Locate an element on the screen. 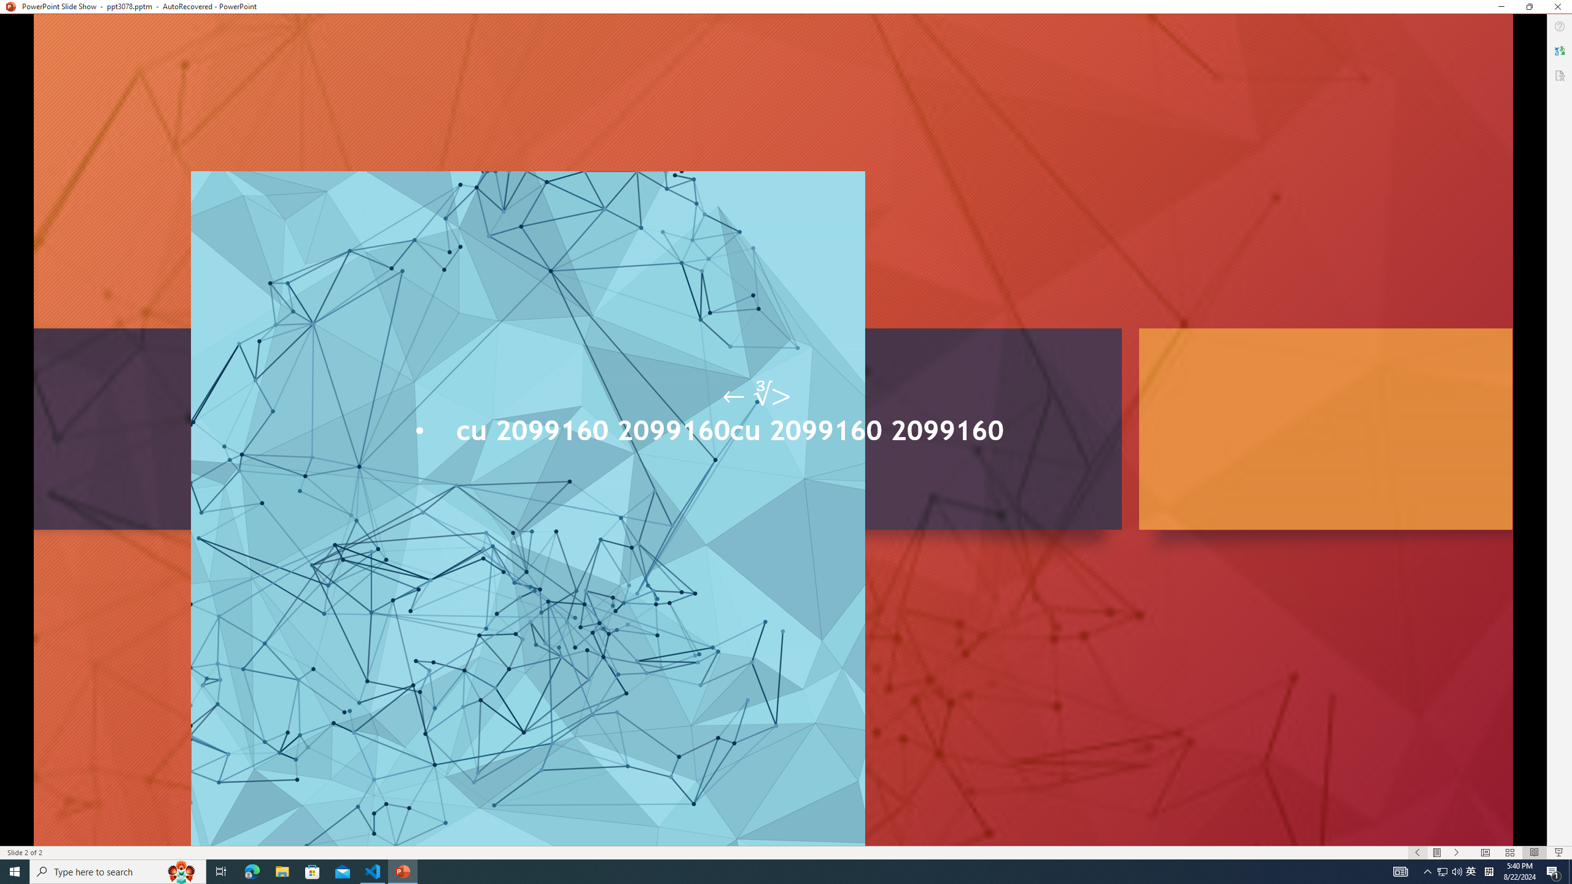 This screenshot has height=884, width=1572. 'Slide Show Previous On' is located at coordinates (1417, 853).